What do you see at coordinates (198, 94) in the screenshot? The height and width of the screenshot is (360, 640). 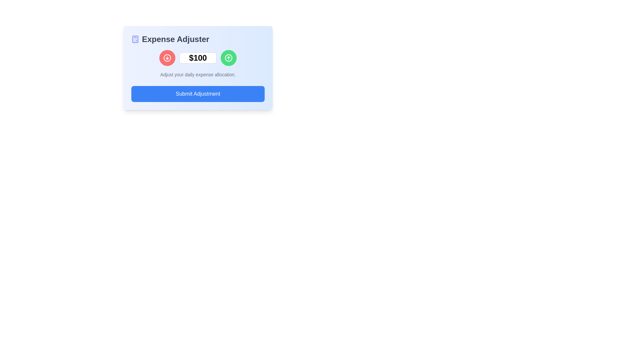 I see `the 'Submit Adjustment' button, which is a vibrant blue rectangular button with white text, located at the bottom of the 'Expense Adjuster' section` at bounding box center [198, 94].